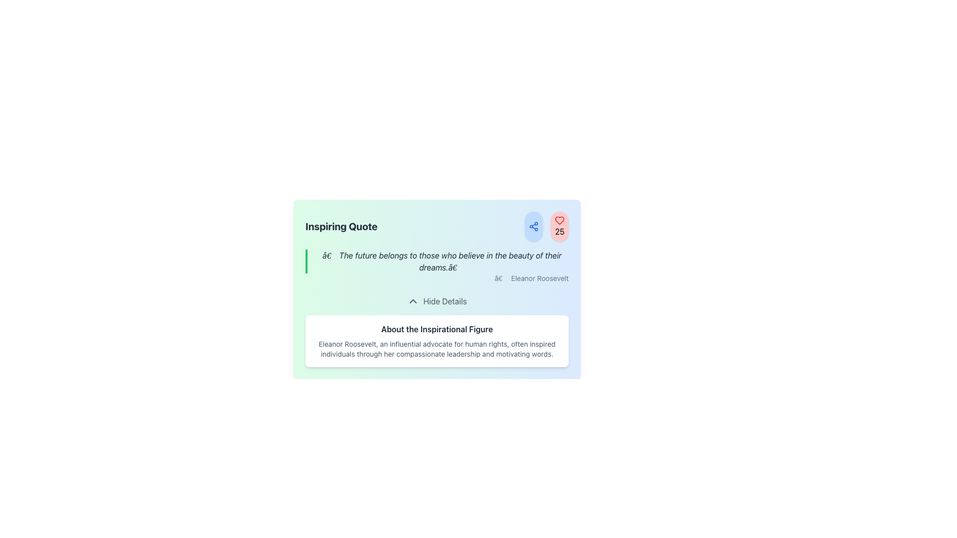 This screenshot has height=538, width=957. Describe the element at coordinates (437, 349) in the screenshot. I see `the text element that provides information about Eleanor Roosevelt, located within the 'About the Inspirational Figure' card, positioned below the title text` at that location.